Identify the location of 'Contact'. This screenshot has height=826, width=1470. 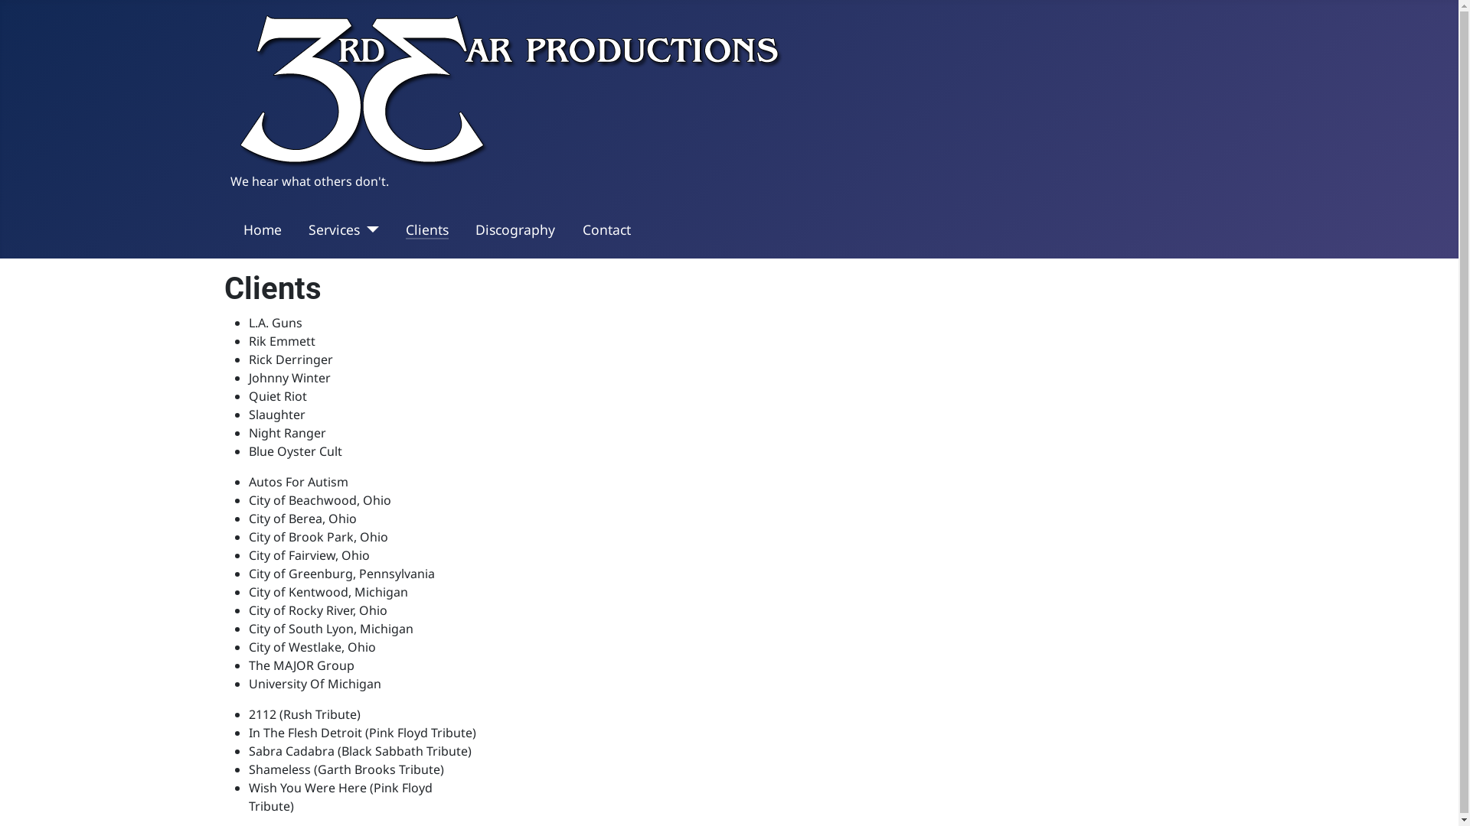
(606, 229).